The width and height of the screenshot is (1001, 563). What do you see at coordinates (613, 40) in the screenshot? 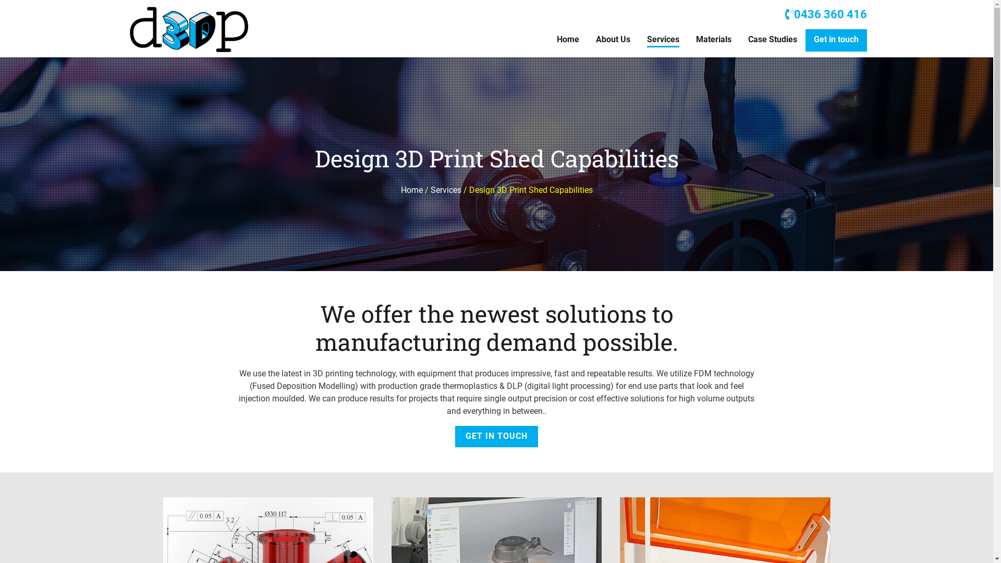
I see `'About Us'` at bounding box center [613, 40].